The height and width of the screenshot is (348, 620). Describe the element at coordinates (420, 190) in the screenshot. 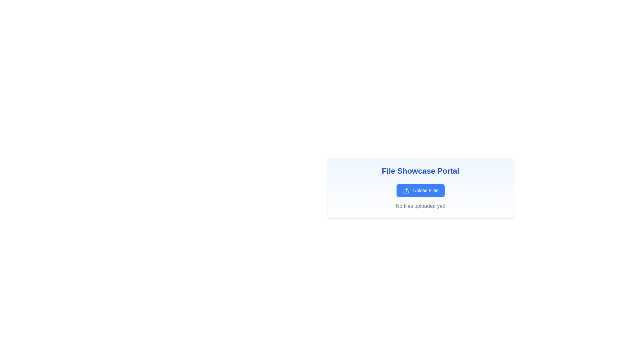

I see `the upload button located within the 'File Showcase Portal' pane, directly above the text 'No files uploaded yet!'` at that location.